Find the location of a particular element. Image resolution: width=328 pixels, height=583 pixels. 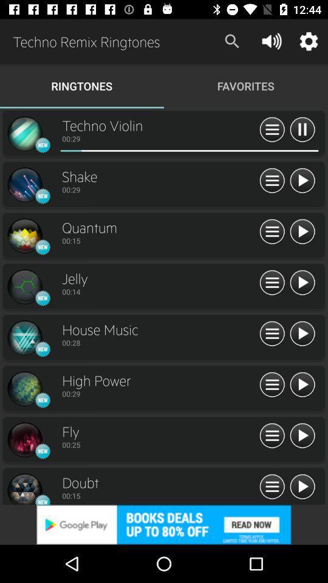

click start is located at coordinates (301, 283).